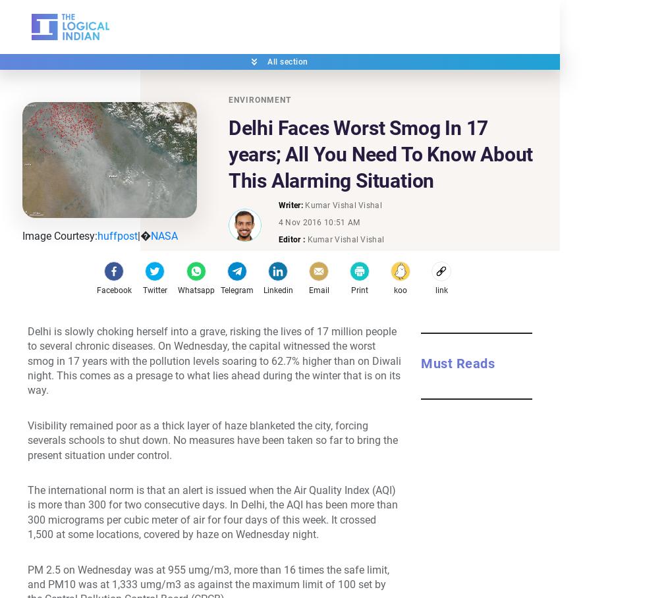 This screenshot has height=598, width=668. I want to click on 'Environment', so click(258, 99).